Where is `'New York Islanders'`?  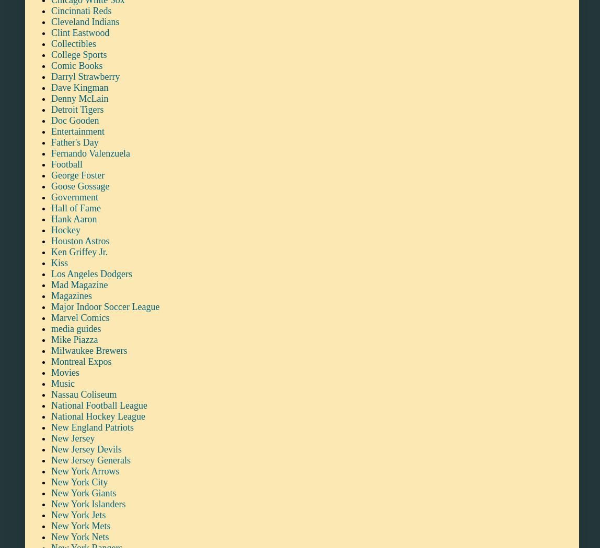 'New York Islanders' is located at coordinates (88, 503).